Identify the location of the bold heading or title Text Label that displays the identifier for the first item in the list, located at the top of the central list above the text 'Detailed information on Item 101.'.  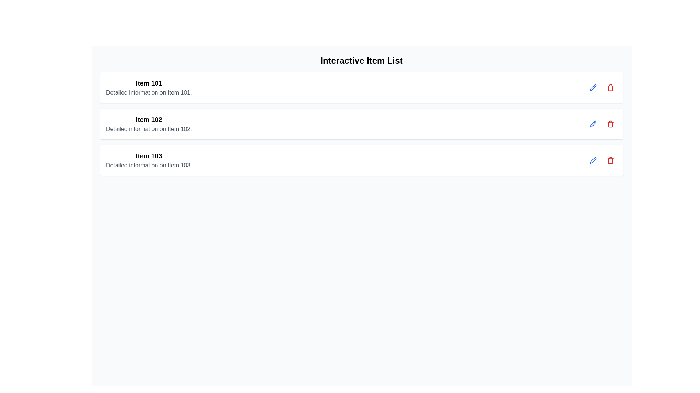
(148, 83).